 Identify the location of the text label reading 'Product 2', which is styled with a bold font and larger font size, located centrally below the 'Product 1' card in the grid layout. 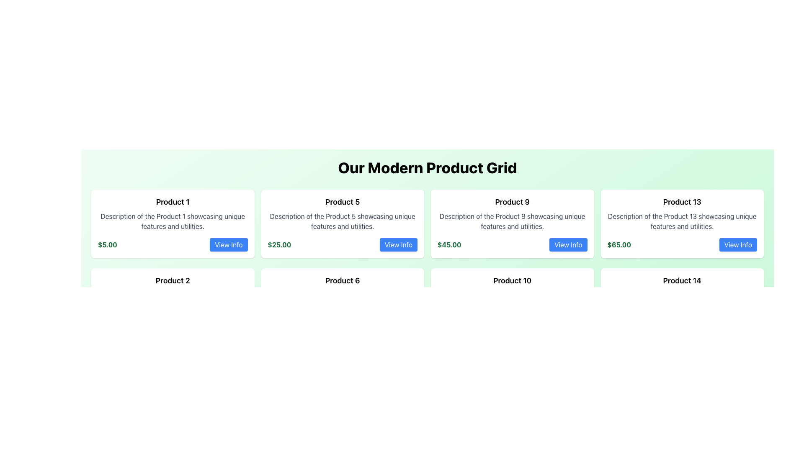
(172, 281).